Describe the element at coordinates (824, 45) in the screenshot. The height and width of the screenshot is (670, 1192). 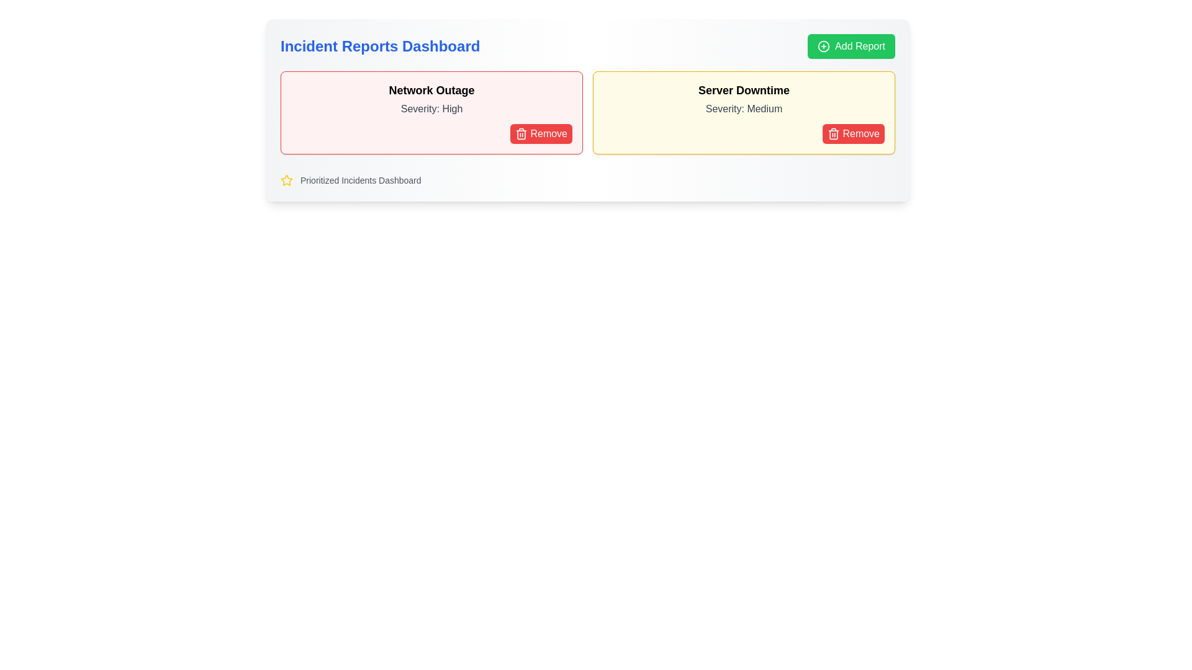
I see `the circular icon within the 'Add Report' button located in the top-right area of the interface for contextual understanding` at that location.